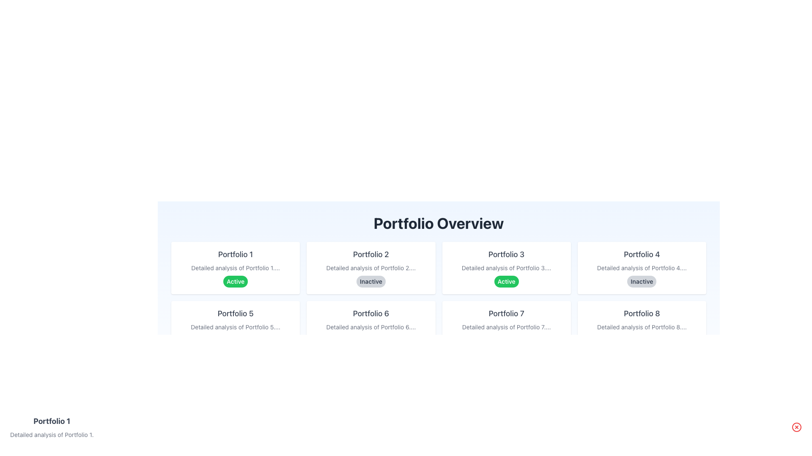  Describe the element at coordinates (236, 399) in the screenshot. I see `the status badge indicating 'Active' for the portfolio item 'Portfolio 9', located in the lower section of the white card` at that location.